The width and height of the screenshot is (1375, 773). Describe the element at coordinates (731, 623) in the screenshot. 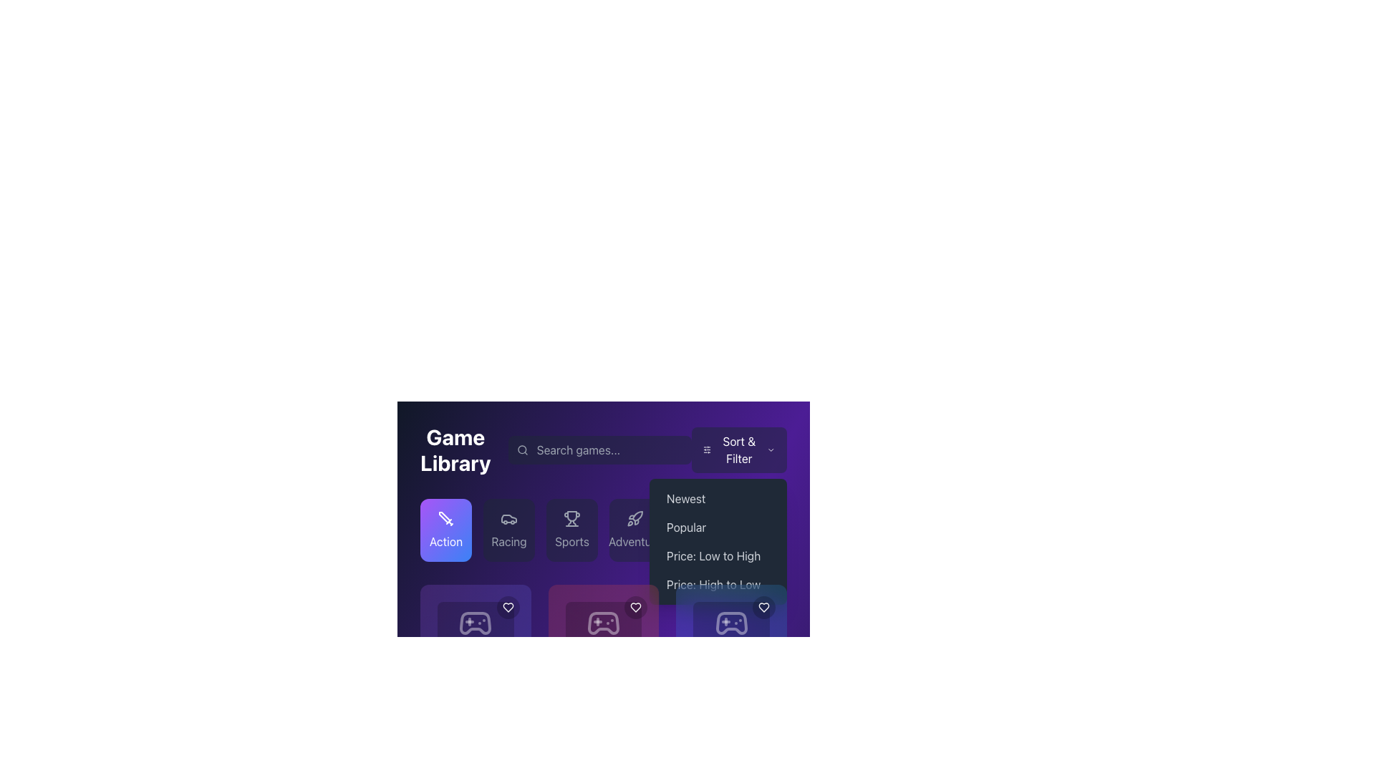

I see `the game selection icon located in the top-right corner of the game library interface, below the 'Sort & Filter' dropdown menu` at that location.